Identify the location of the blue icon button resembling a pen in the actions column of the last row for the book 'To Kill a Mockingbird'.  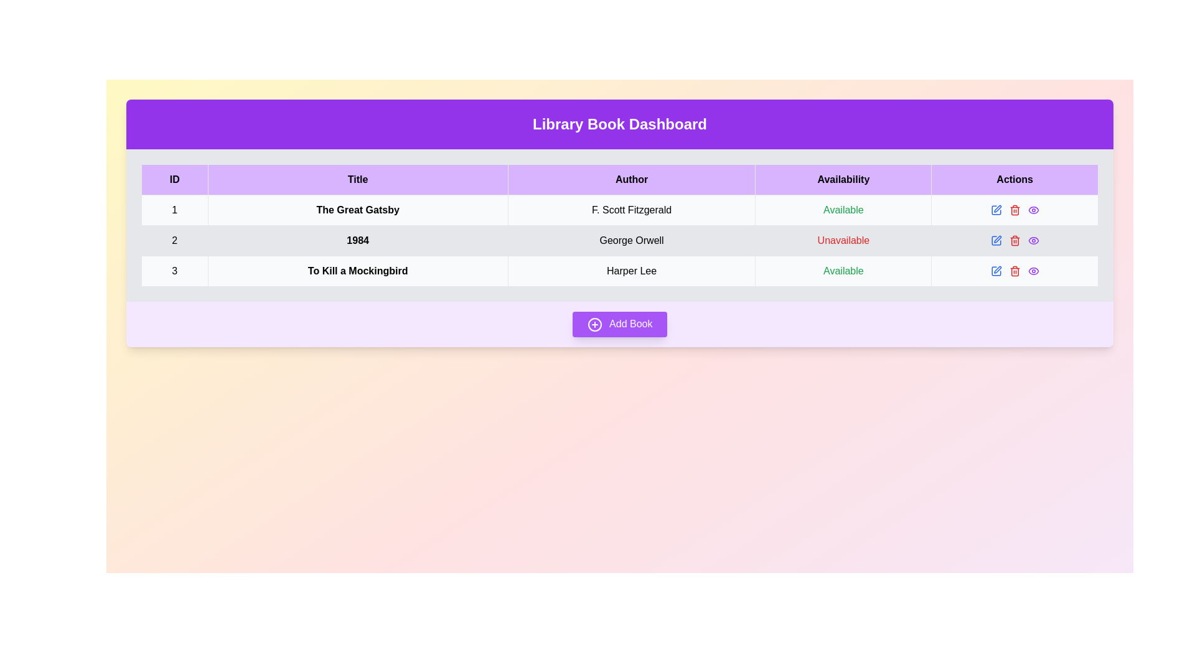
(996, 270).